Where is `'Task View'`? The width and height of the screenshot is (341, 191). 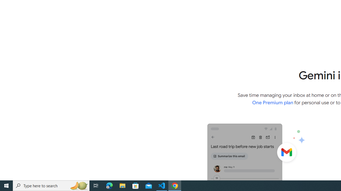
'Task View' is located at coordinates (96, 185).